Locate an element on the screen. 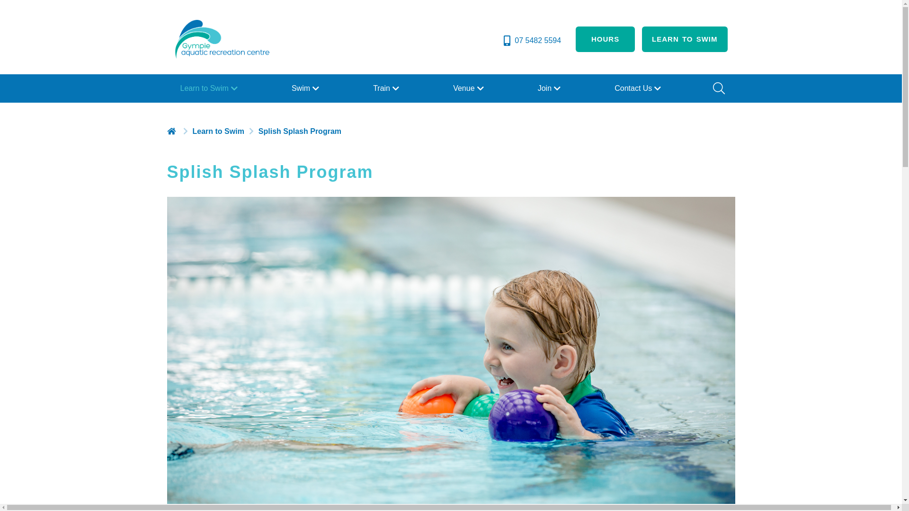 The width and height of the screenshot is (909, 511). 'Venue' is located at coordinates (469, 88).